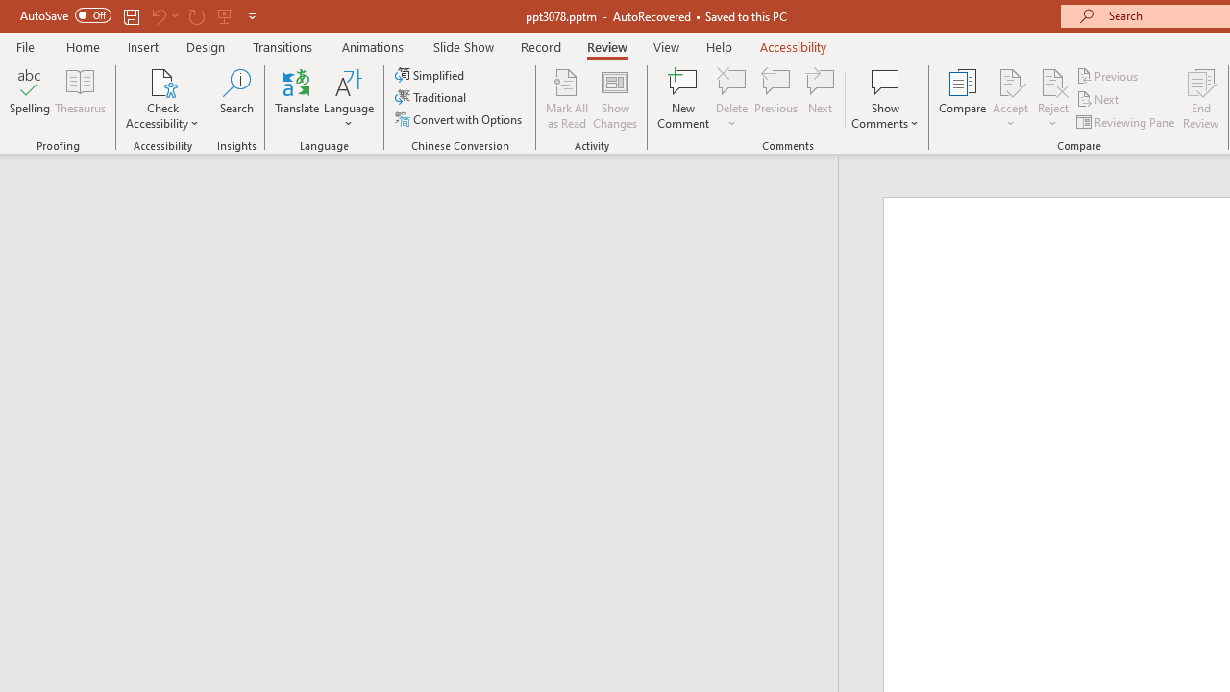  I want to click on 'Translate', so click(296, 99).